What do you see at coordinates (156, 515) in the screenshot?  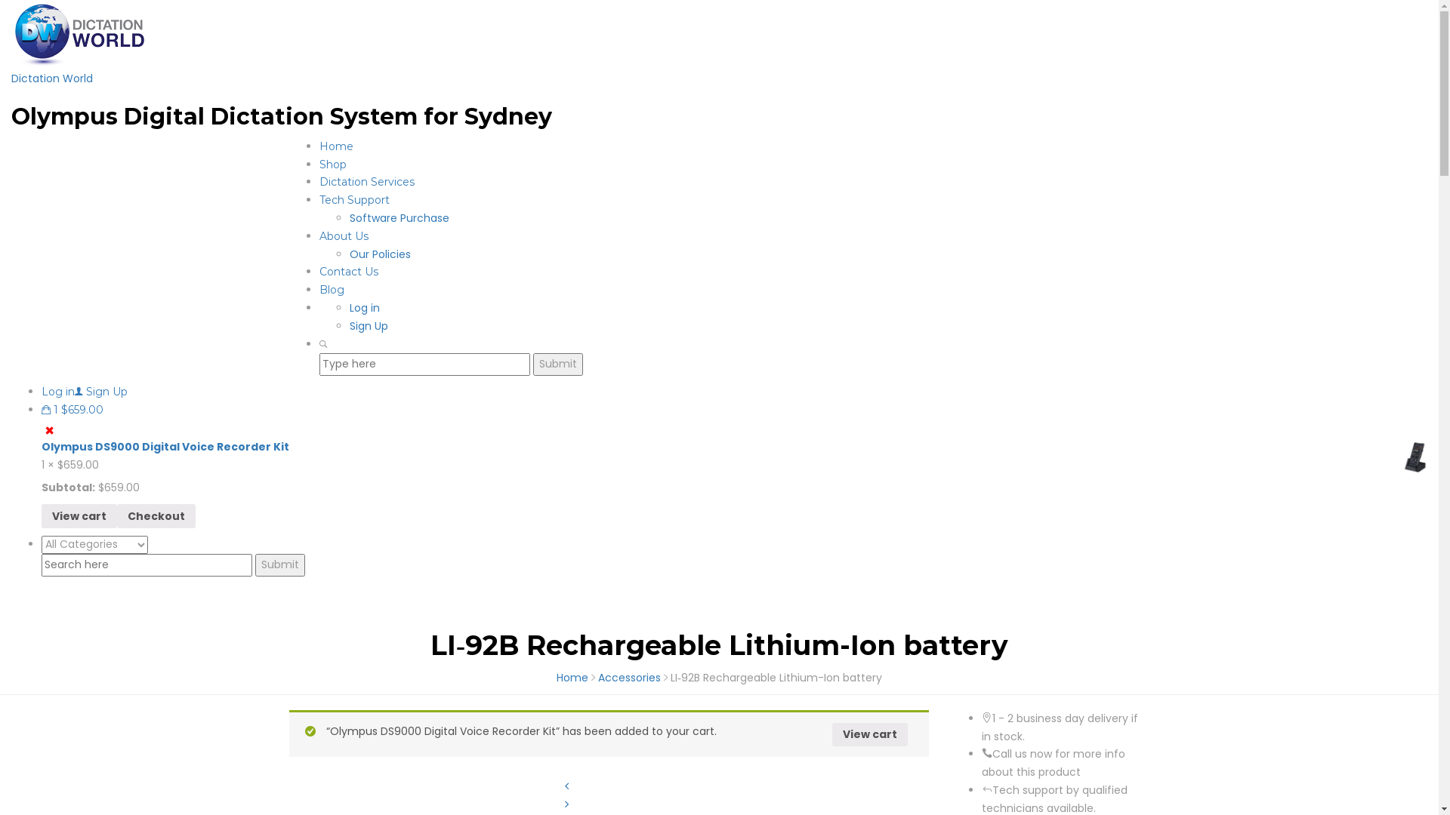 I see `'Checkout'` at bounding box center [156, 515].